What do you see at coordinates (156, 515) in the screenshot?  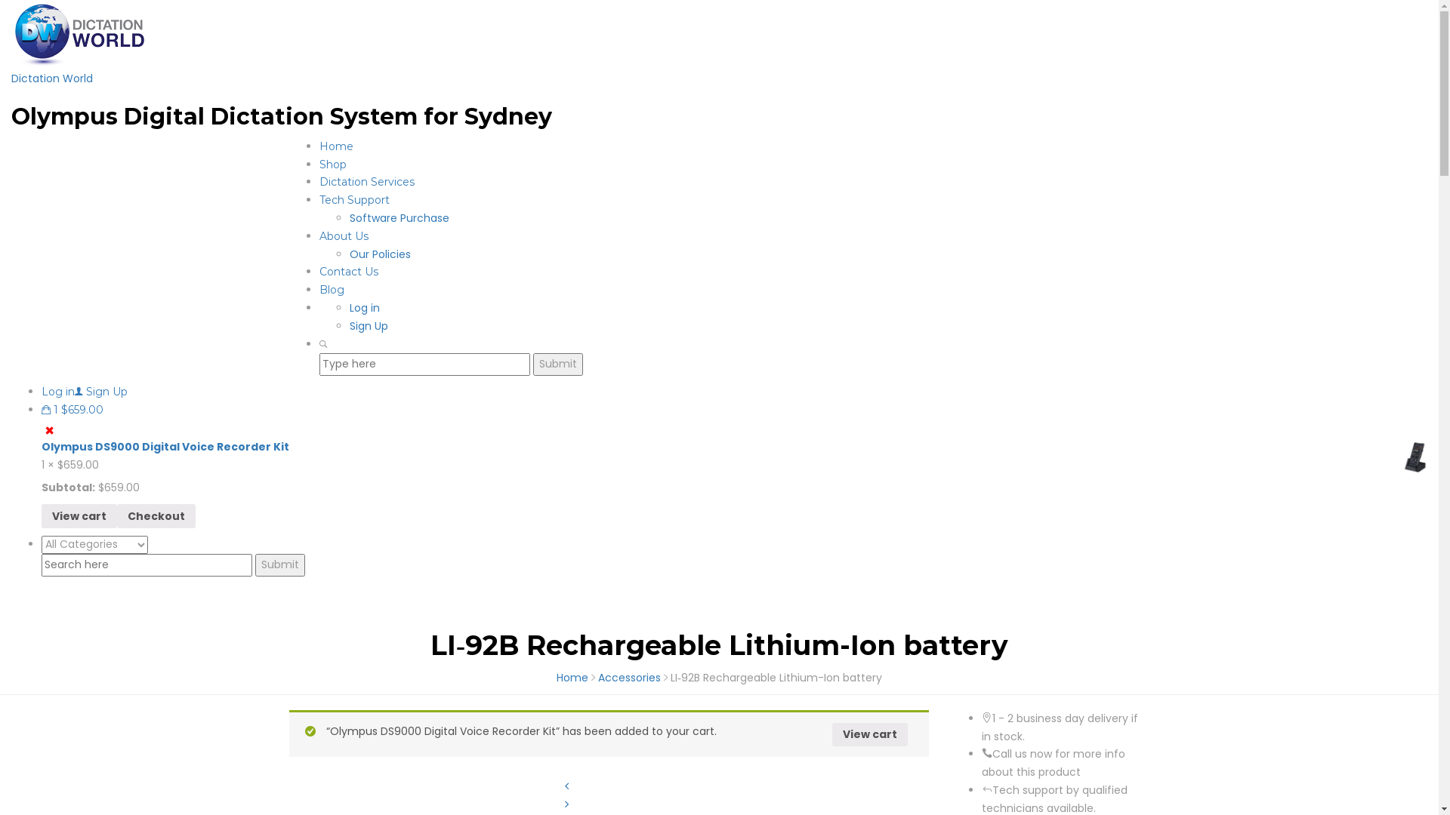 I see `'Checkout'` at bounding box center [156, 515].